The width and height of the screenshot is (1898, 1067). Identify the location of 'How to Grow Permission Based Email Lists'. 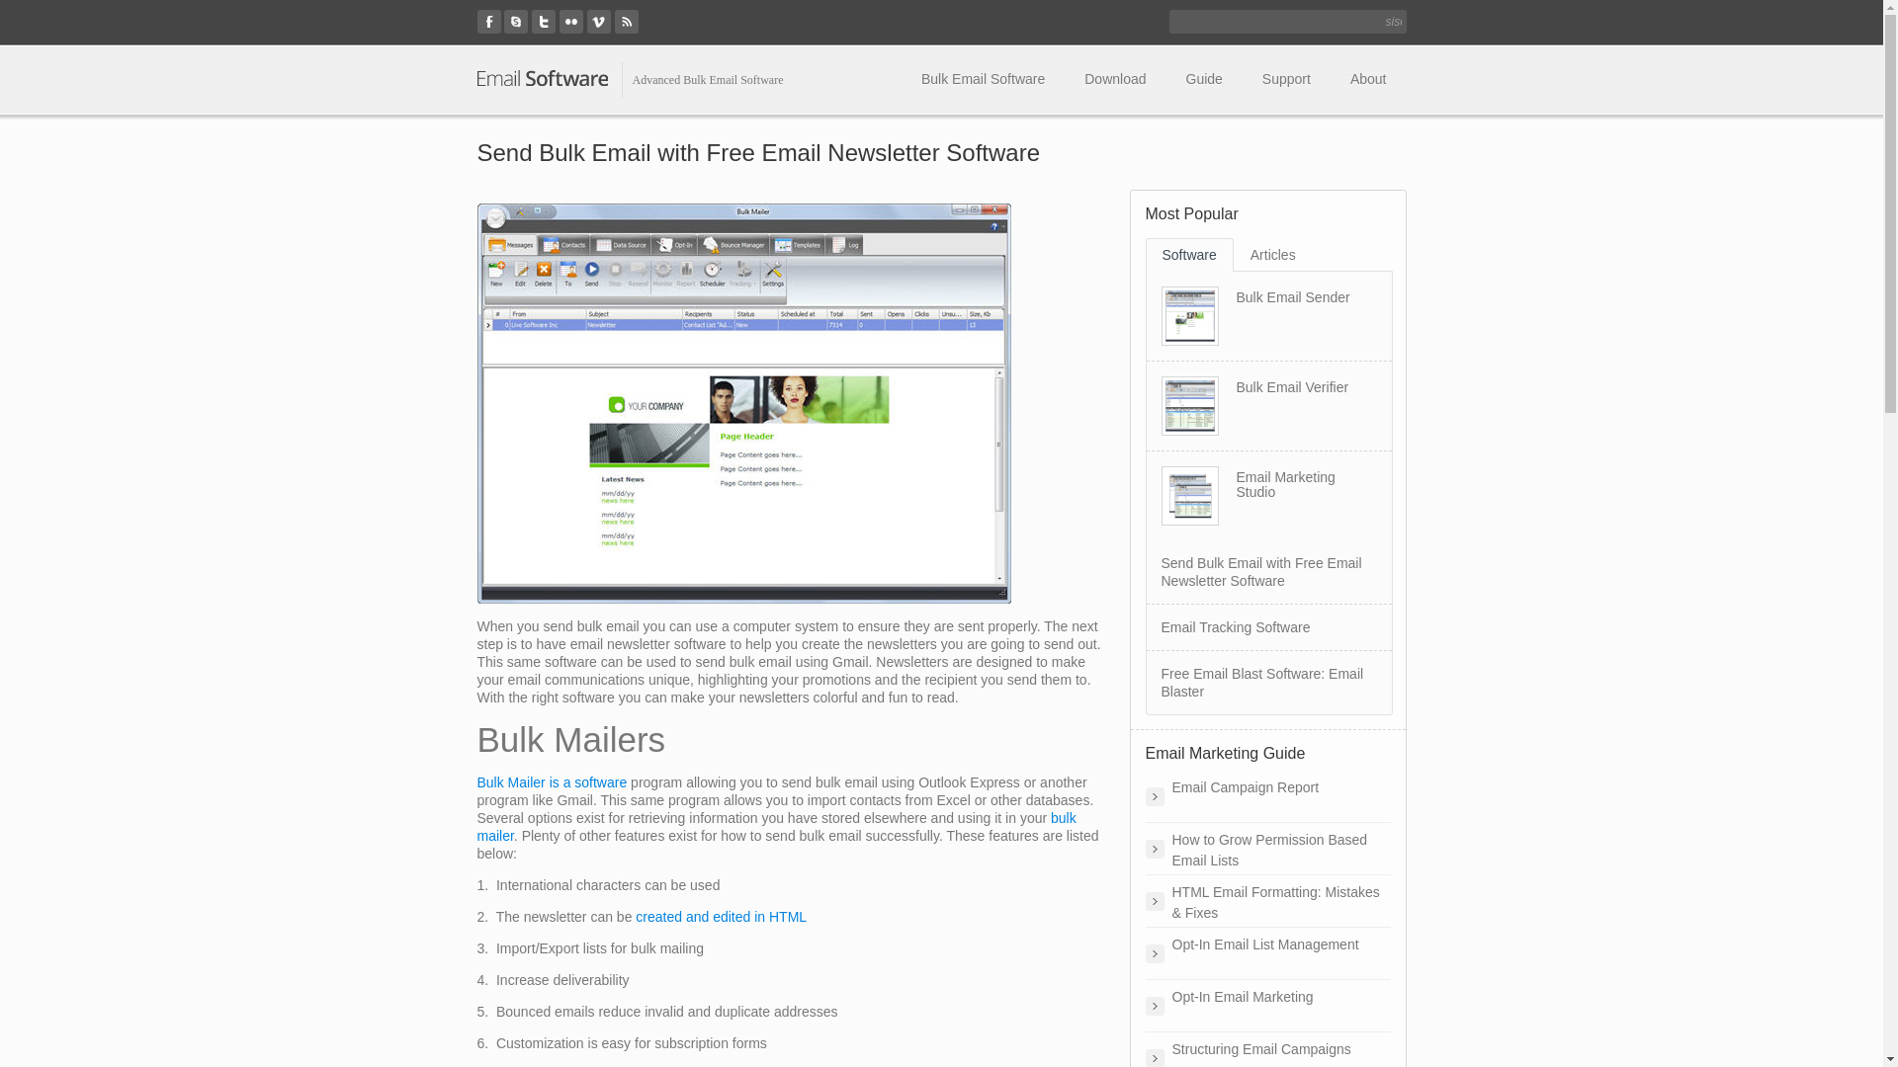
(1266, 848).